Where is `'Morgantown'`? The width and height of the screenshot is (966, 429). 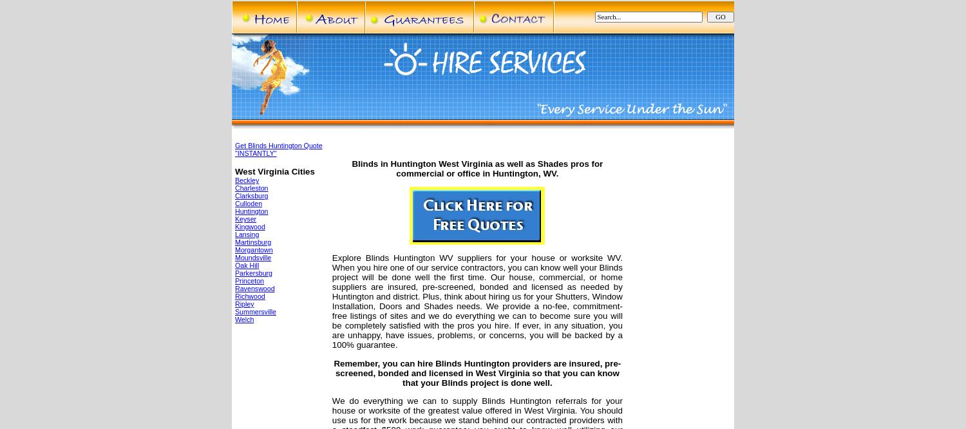 'Morgantown' is located at coordinates (254, 250).